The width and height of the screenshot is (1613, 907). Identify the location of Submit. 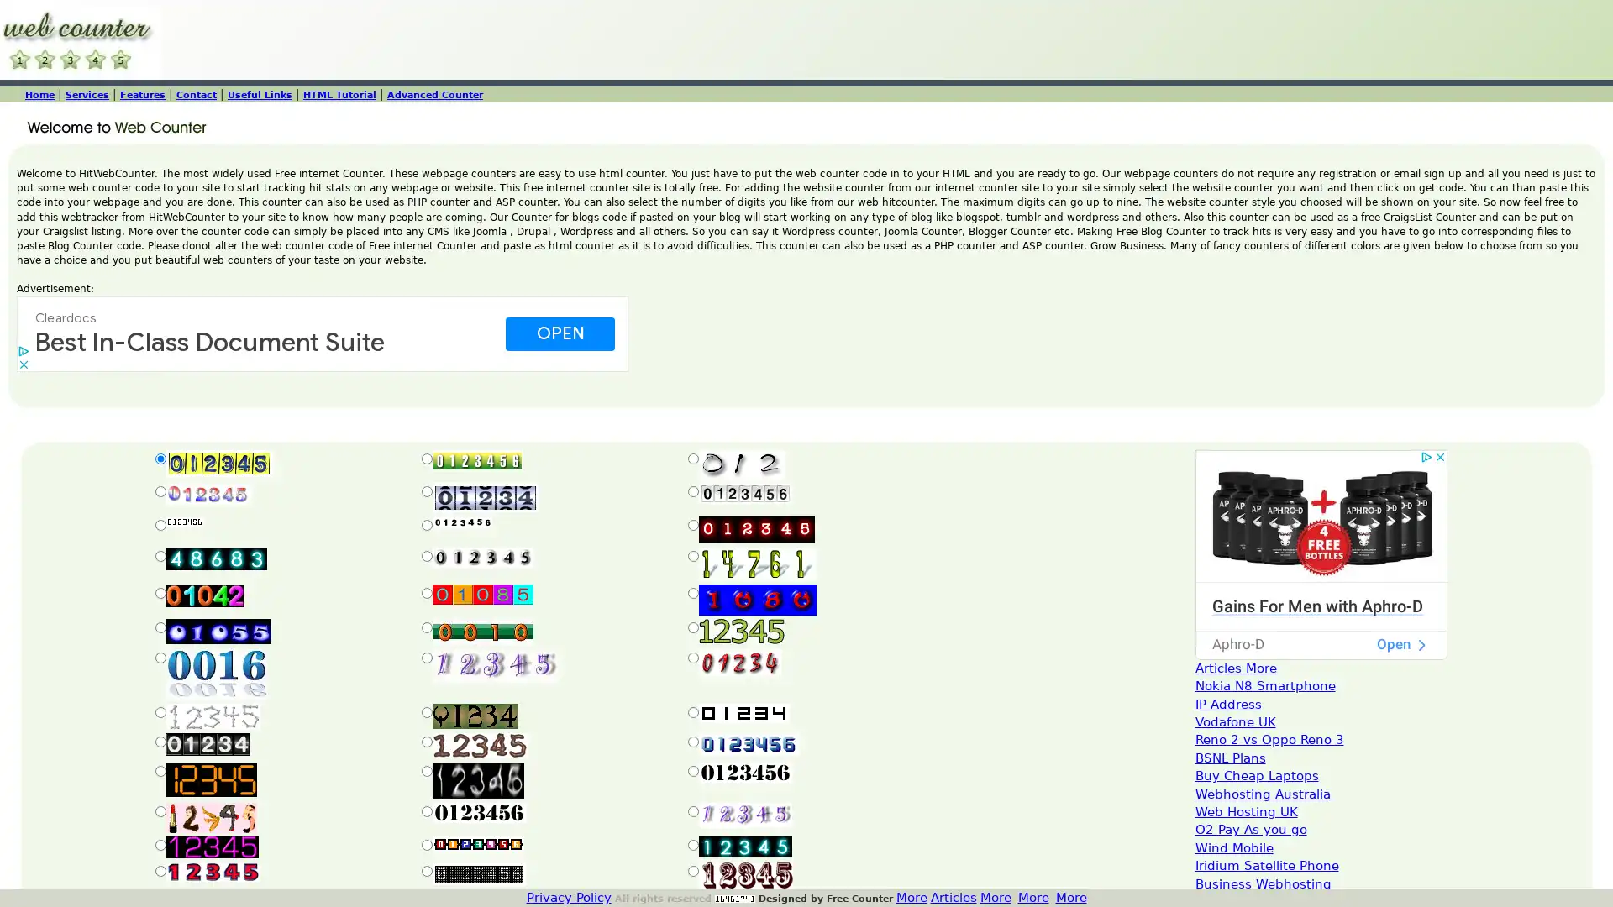
(478, 811).